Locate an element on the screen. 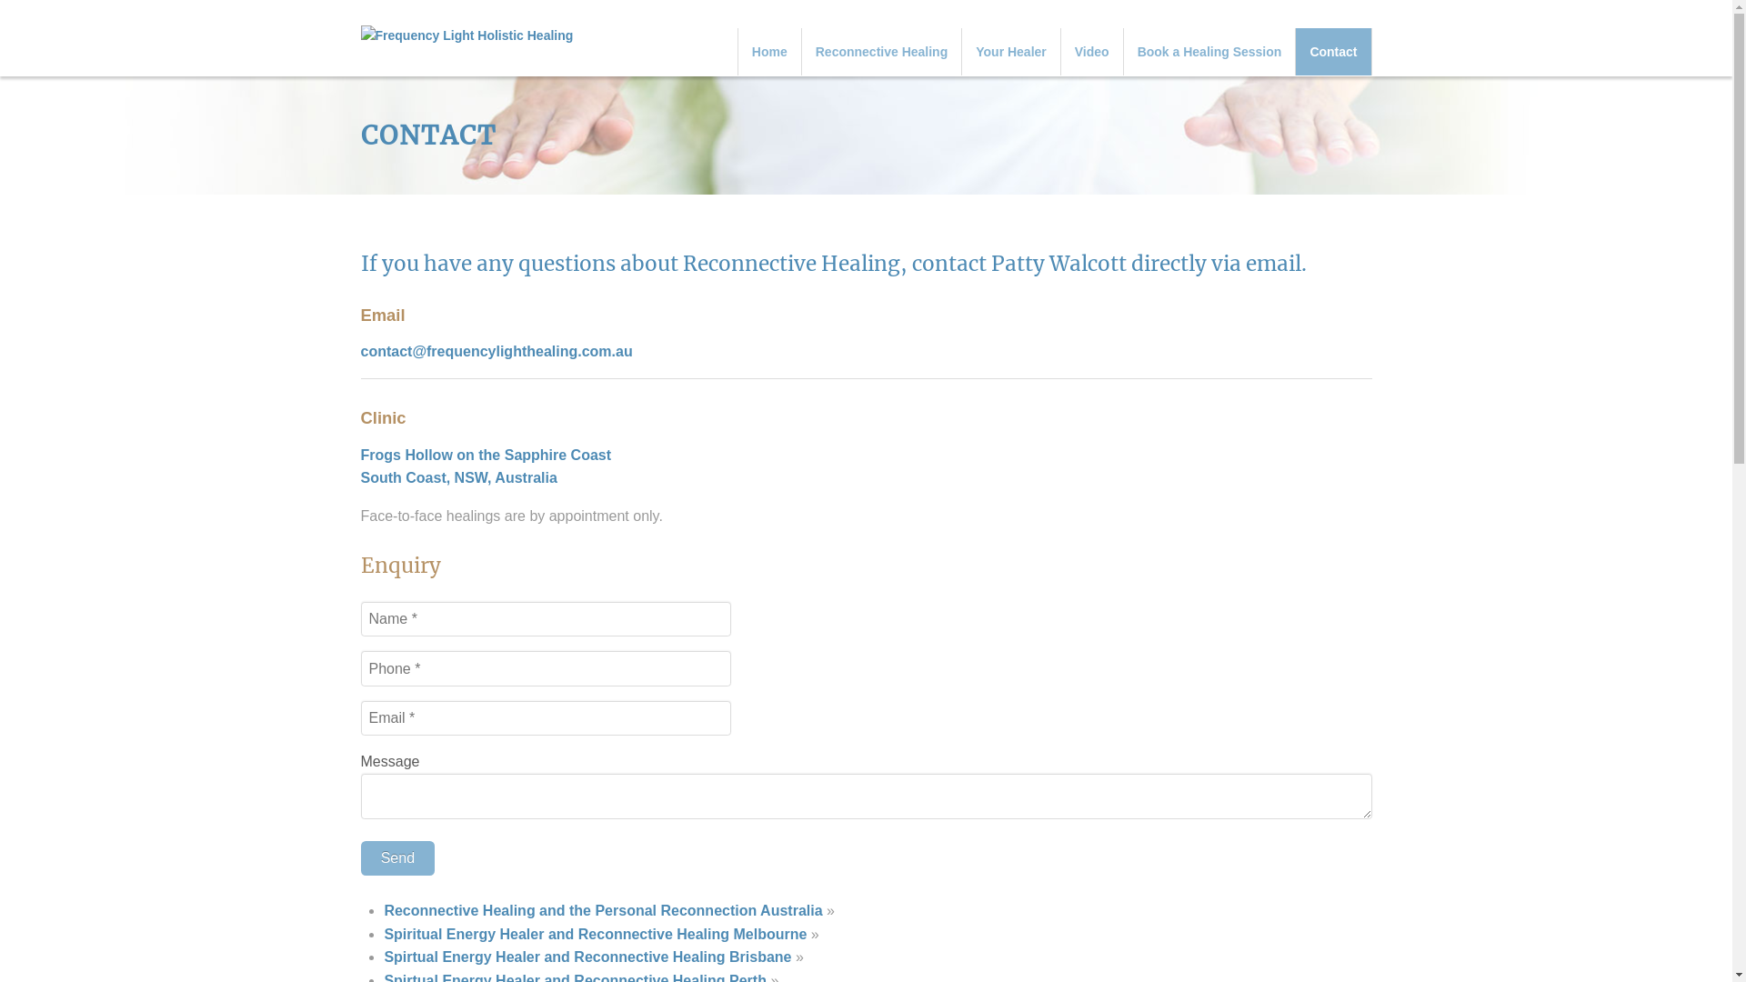 This screenshot has width=1746, height=982. 'Your Healer' is located at coordinates (1010, 51).